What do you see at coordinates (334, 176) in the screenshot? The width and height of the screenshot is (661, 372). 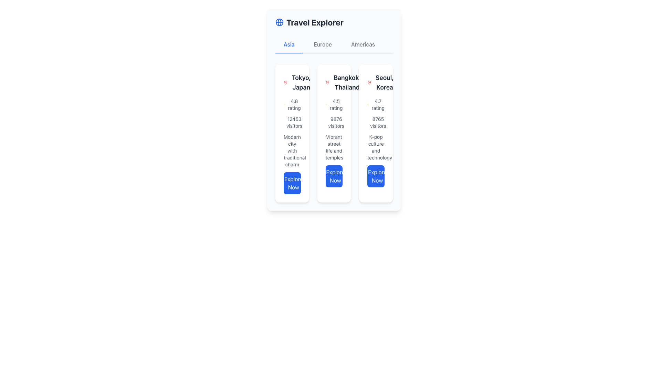 I see `the 'Explore Now' button with a blue background and white text located below the description of 'Bangkok, Thailand'` at bounding box center [334, 176].